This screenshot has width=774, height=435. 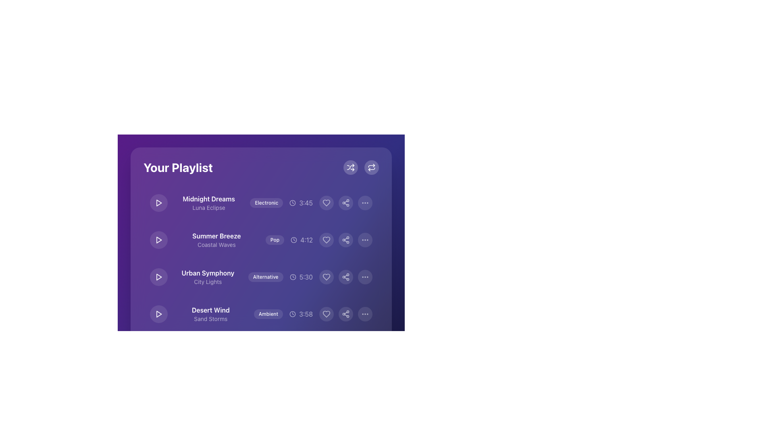 I want to click on the circular clock icon located to the left of the duration '3:45' in the 'Midnight Dreams' track row of the playlist interface, so click(x=292, y=203).